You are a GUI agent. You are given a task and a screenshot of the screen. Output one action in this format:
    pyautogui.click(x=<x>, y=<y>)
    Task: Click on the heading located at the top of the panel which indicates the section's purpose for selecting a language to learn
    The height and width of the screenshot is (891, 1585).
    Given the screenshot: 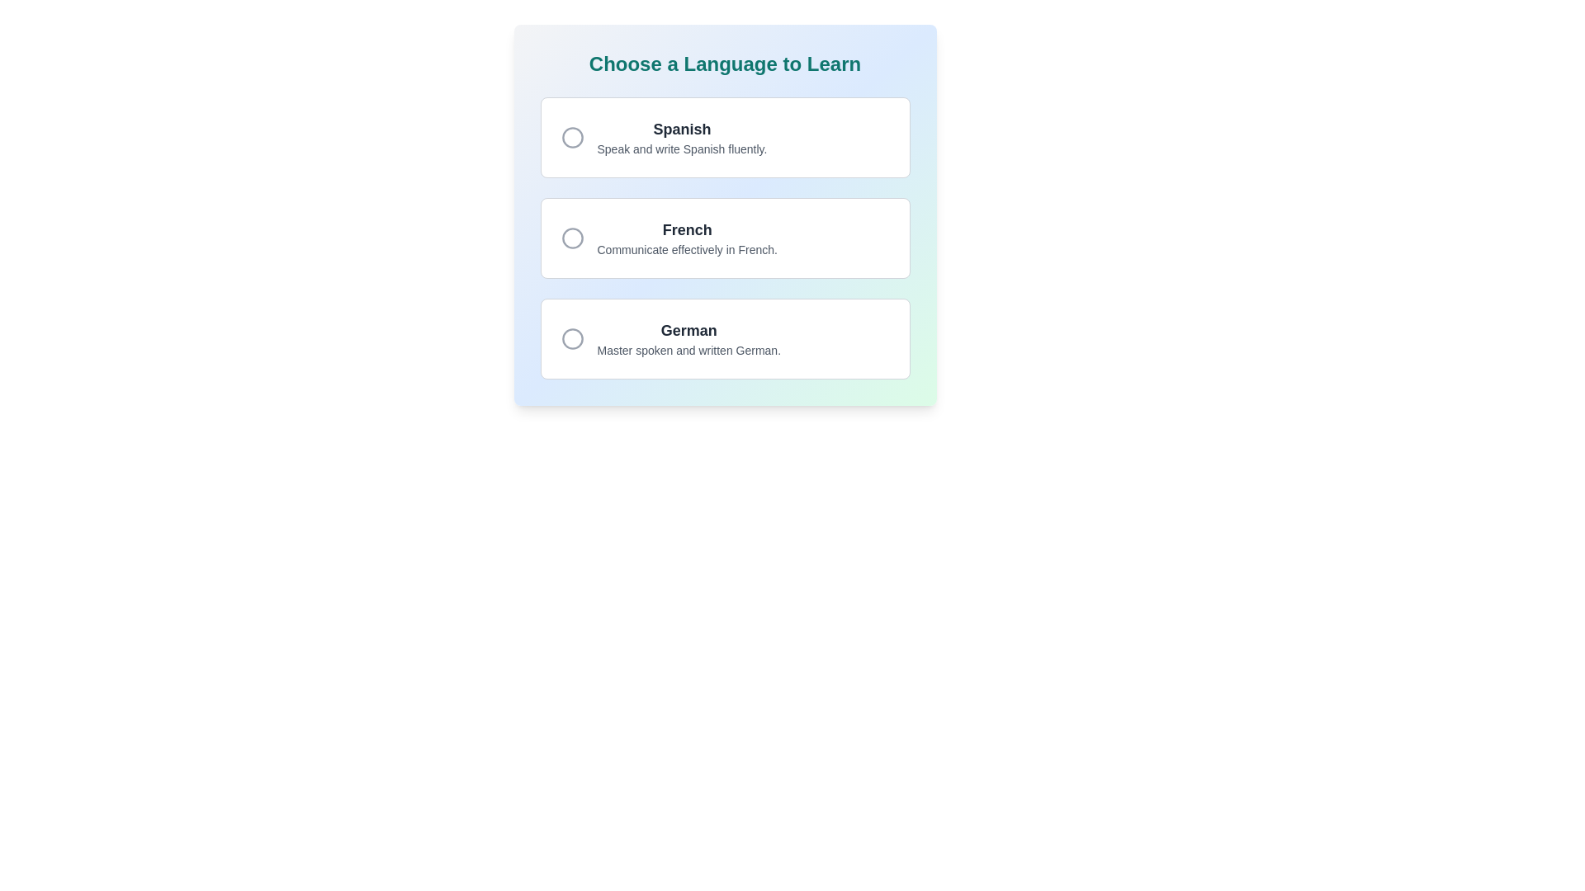 What is the action you would take?
    pyautogui.click(x=725, y=63)
    